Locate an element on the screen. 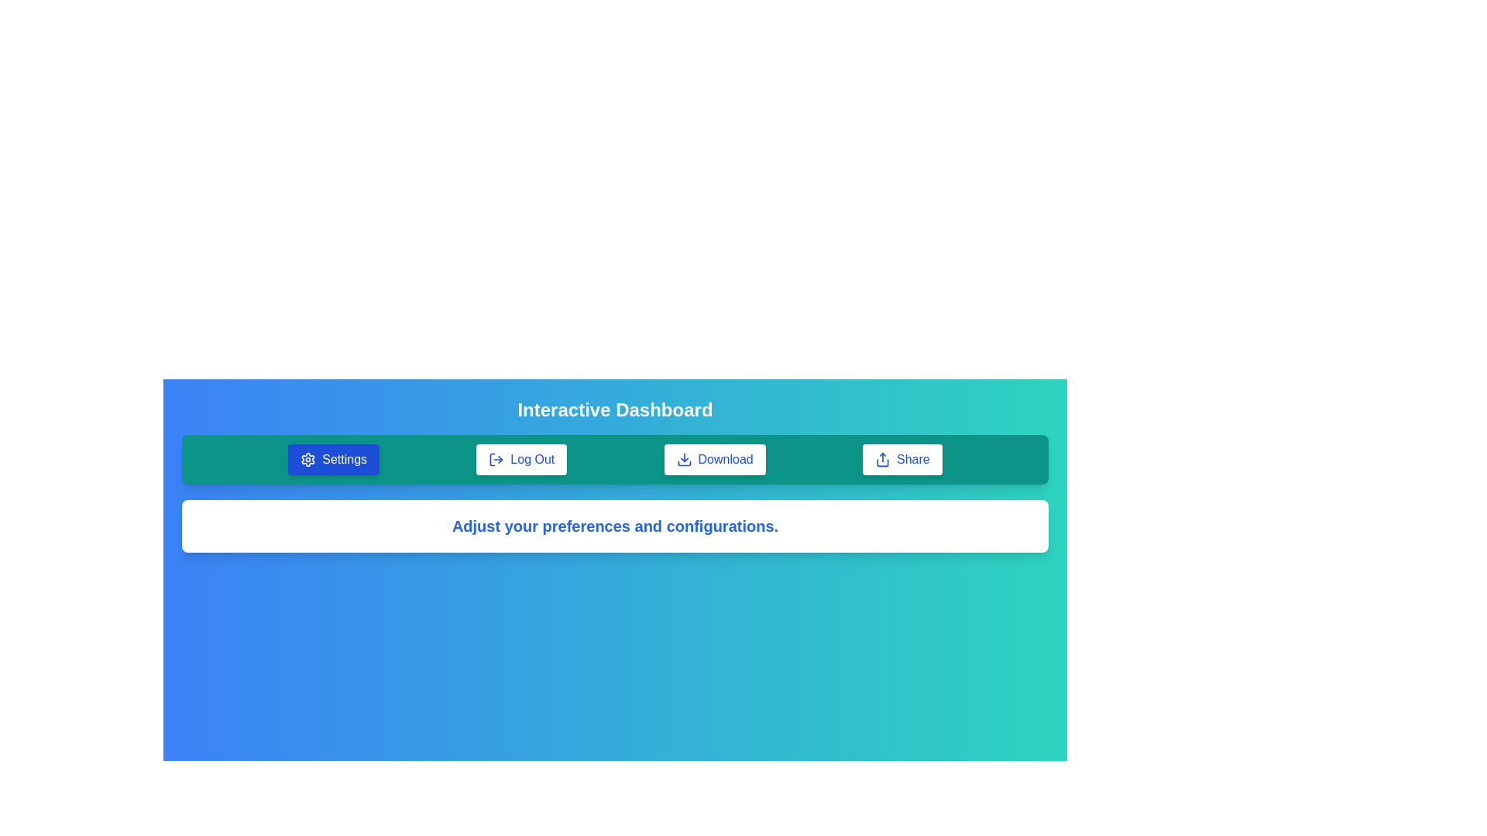 The height and width of the screenshot is (836, 1487). the tab labeled Log Out to observe its visual style is located at coordinates (521, 459).